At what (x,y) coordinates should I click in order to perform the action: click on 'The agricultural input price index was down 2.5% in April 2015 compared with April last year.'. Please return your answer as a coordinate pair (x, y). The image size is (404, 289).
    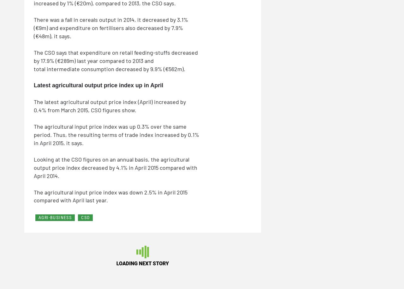
    Looking at the image, I should click on (110, 195).